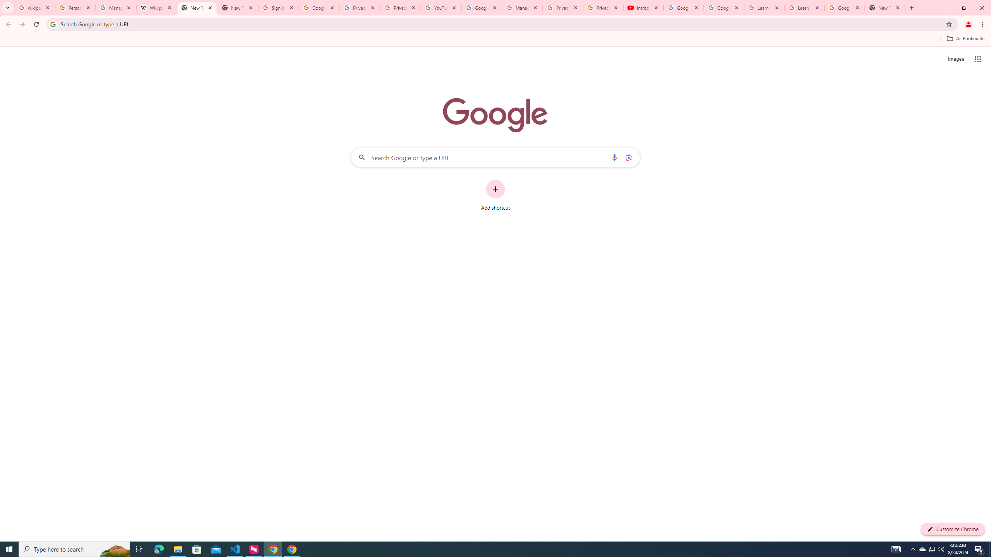  I want to click on 'Google Account', so click(844, 7).